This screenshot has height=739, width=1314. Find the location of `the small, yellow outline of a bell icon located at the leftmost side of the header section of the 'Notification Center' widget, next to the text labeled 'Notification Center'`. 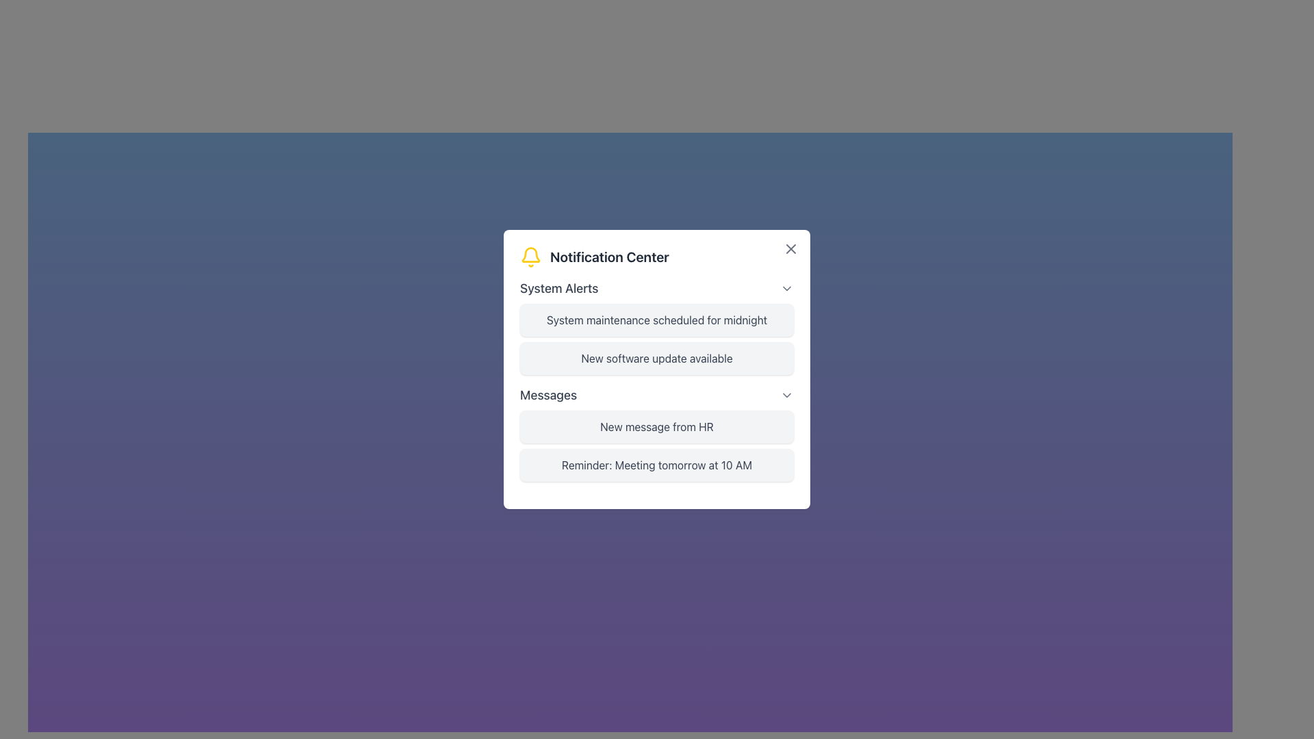

the small, yellow outline of a bell icon located at the leftmost side of the header section of the 'Notification Center' widget, next to the text labeled 'Notification Center' is located at coordinates (530, 257).